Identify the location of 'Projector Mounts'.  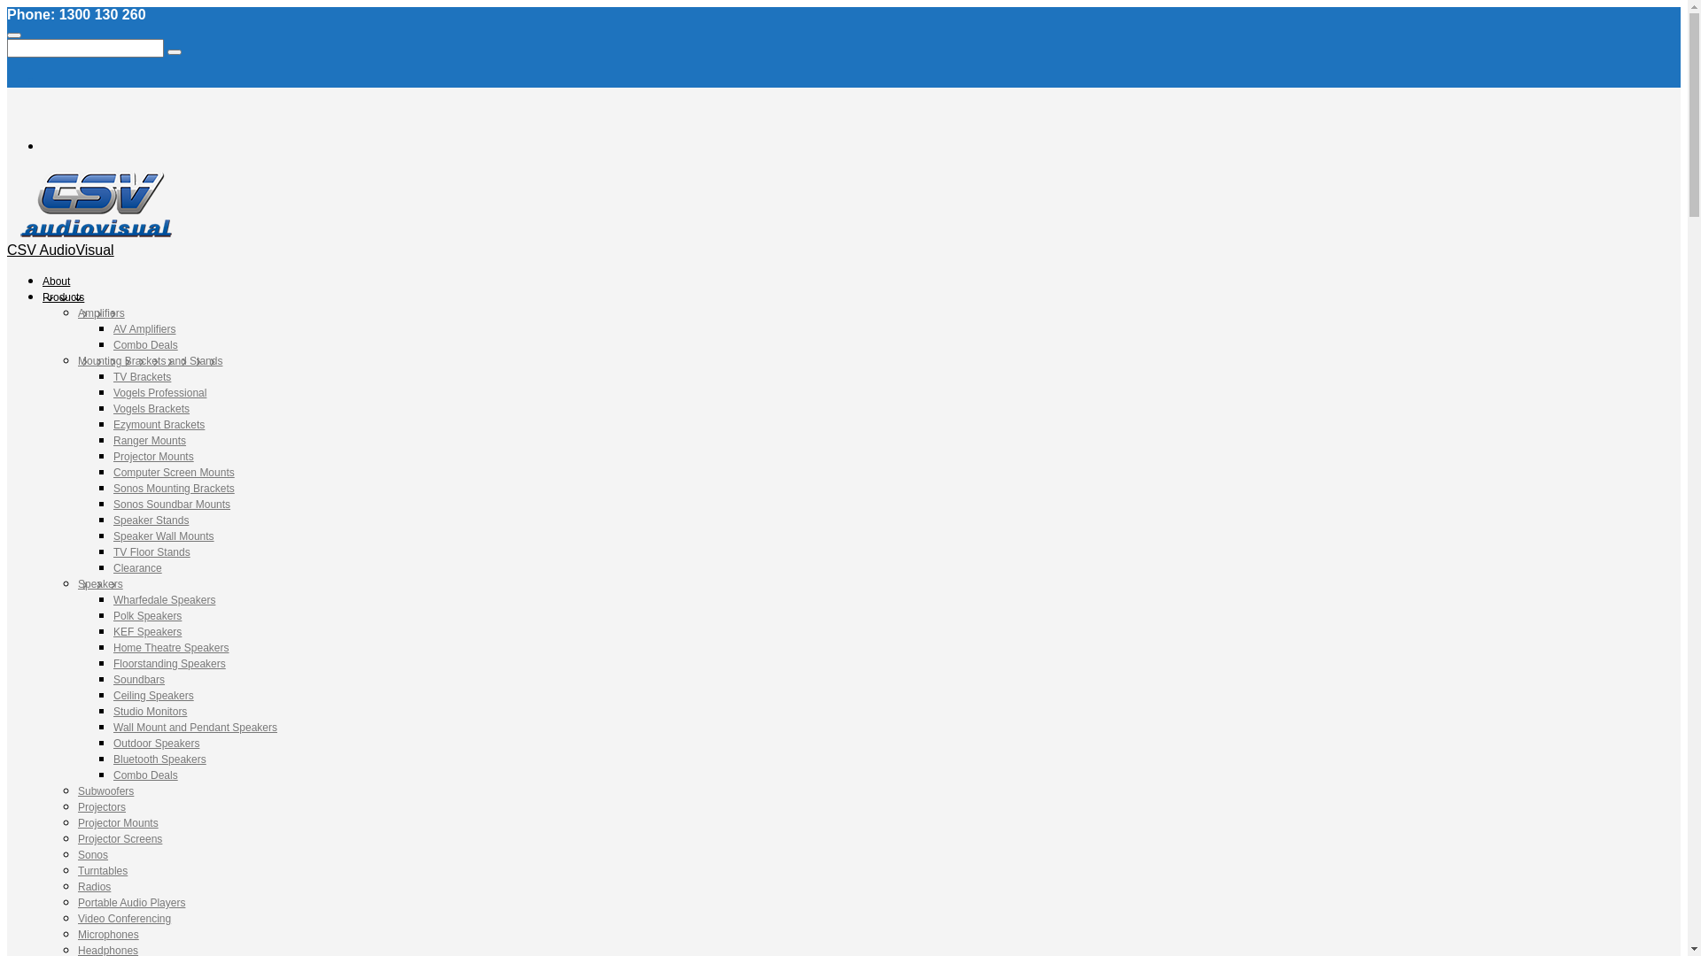
(113, 456).